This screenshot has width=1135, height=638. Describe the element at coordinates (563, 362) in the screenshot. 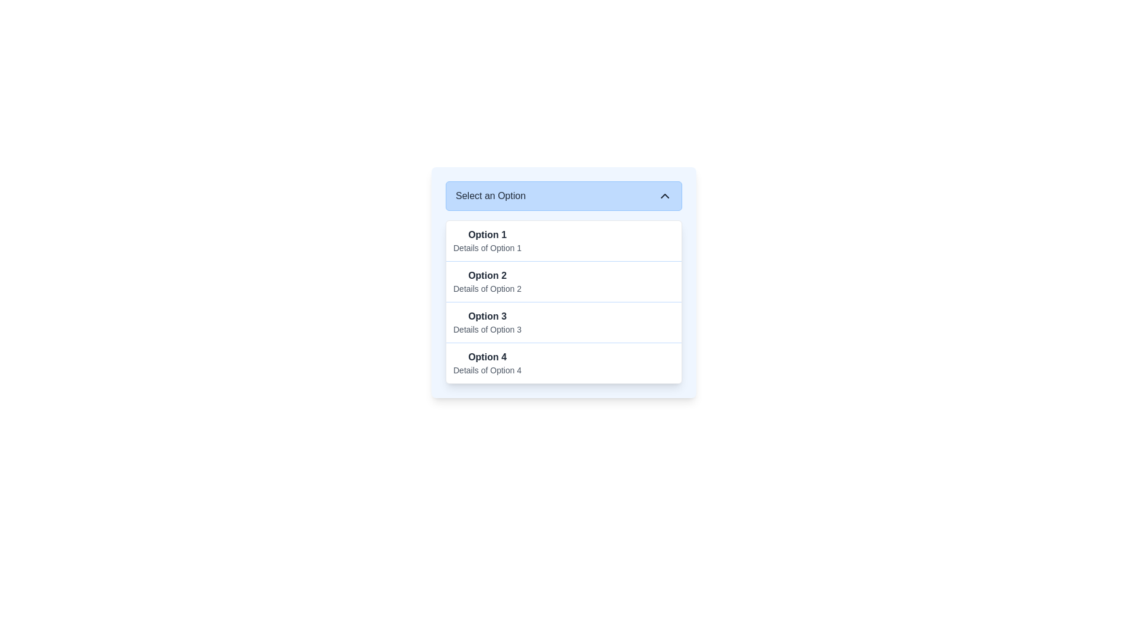

I see `the list item for 'Option 4' located at the bottom of the dropdown menu beneath 'Option 3'` at that location.